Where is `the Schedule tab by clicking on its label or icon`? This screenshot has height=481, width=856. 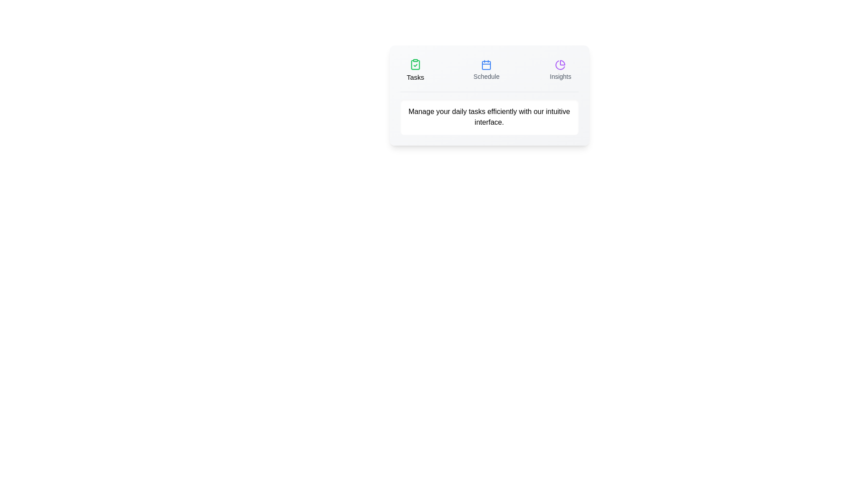
the Schedule tab by clicking on its label or icon is located at coordinates (486, 70).